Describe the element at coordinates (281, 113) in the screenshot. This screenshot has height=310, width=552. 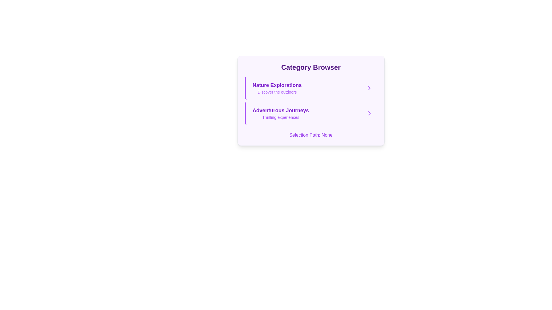
I see `the text label displaying 'Adventurous Journeys' and 'Thrilling experiences', which is the second entry in the 'Category Browser' section` at that location.